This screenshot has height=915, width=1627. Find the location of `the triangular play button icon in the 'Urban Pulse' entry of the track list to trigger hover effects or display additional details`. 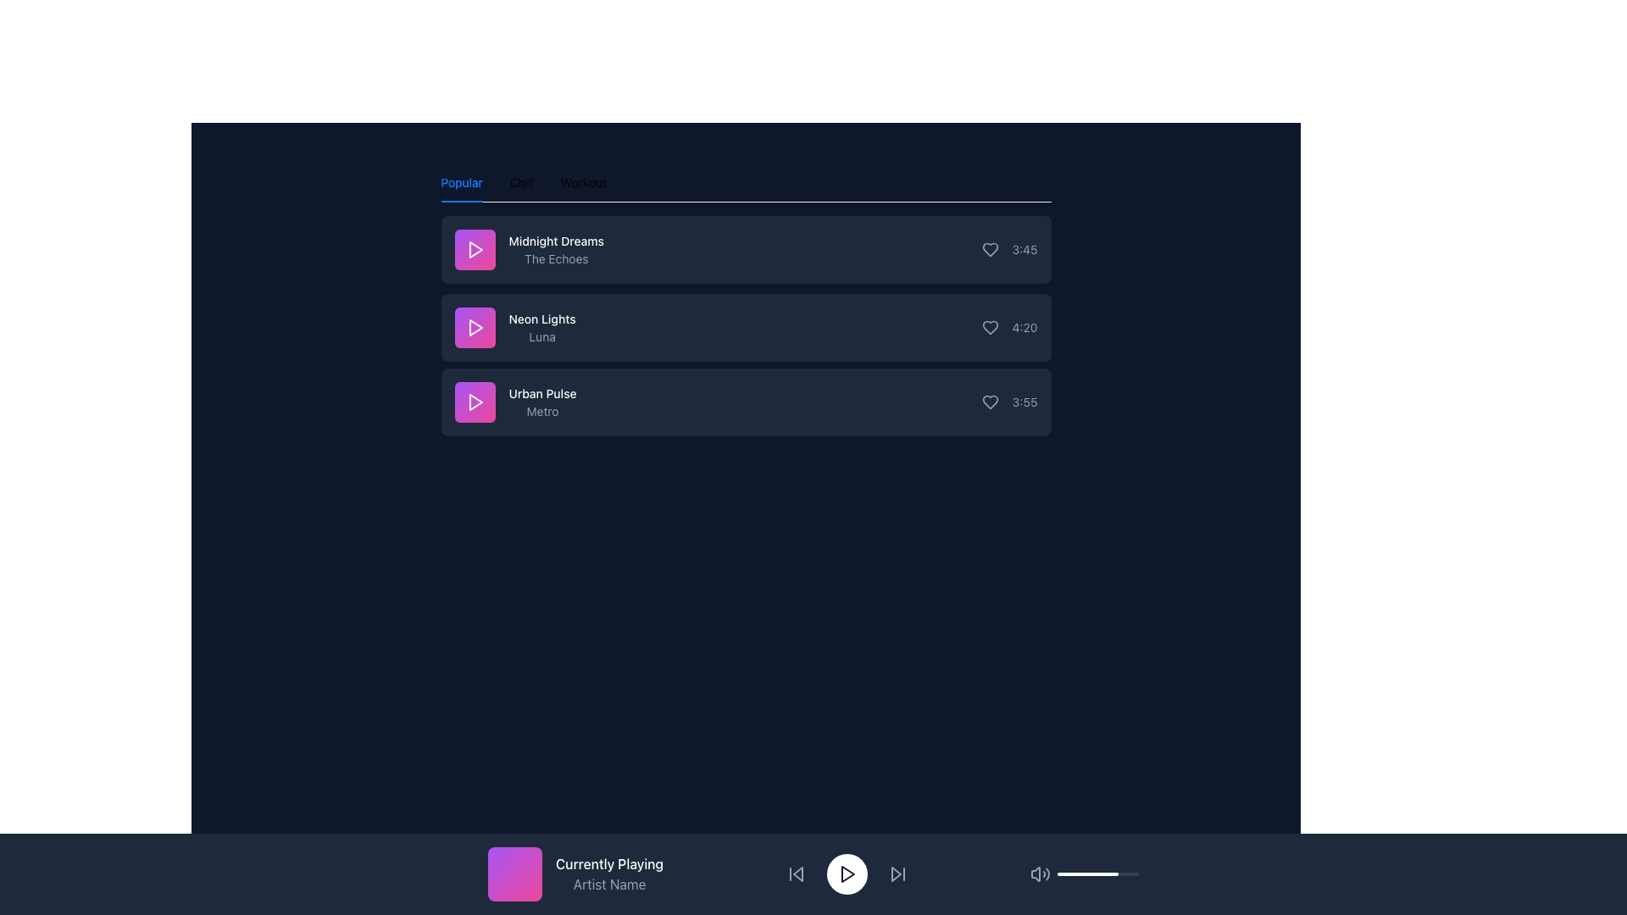

the triangular play button icon in the 'Urban Pulse' entry of the track list to trigger hover effects or display additional details is located at coordinates (475, 402).